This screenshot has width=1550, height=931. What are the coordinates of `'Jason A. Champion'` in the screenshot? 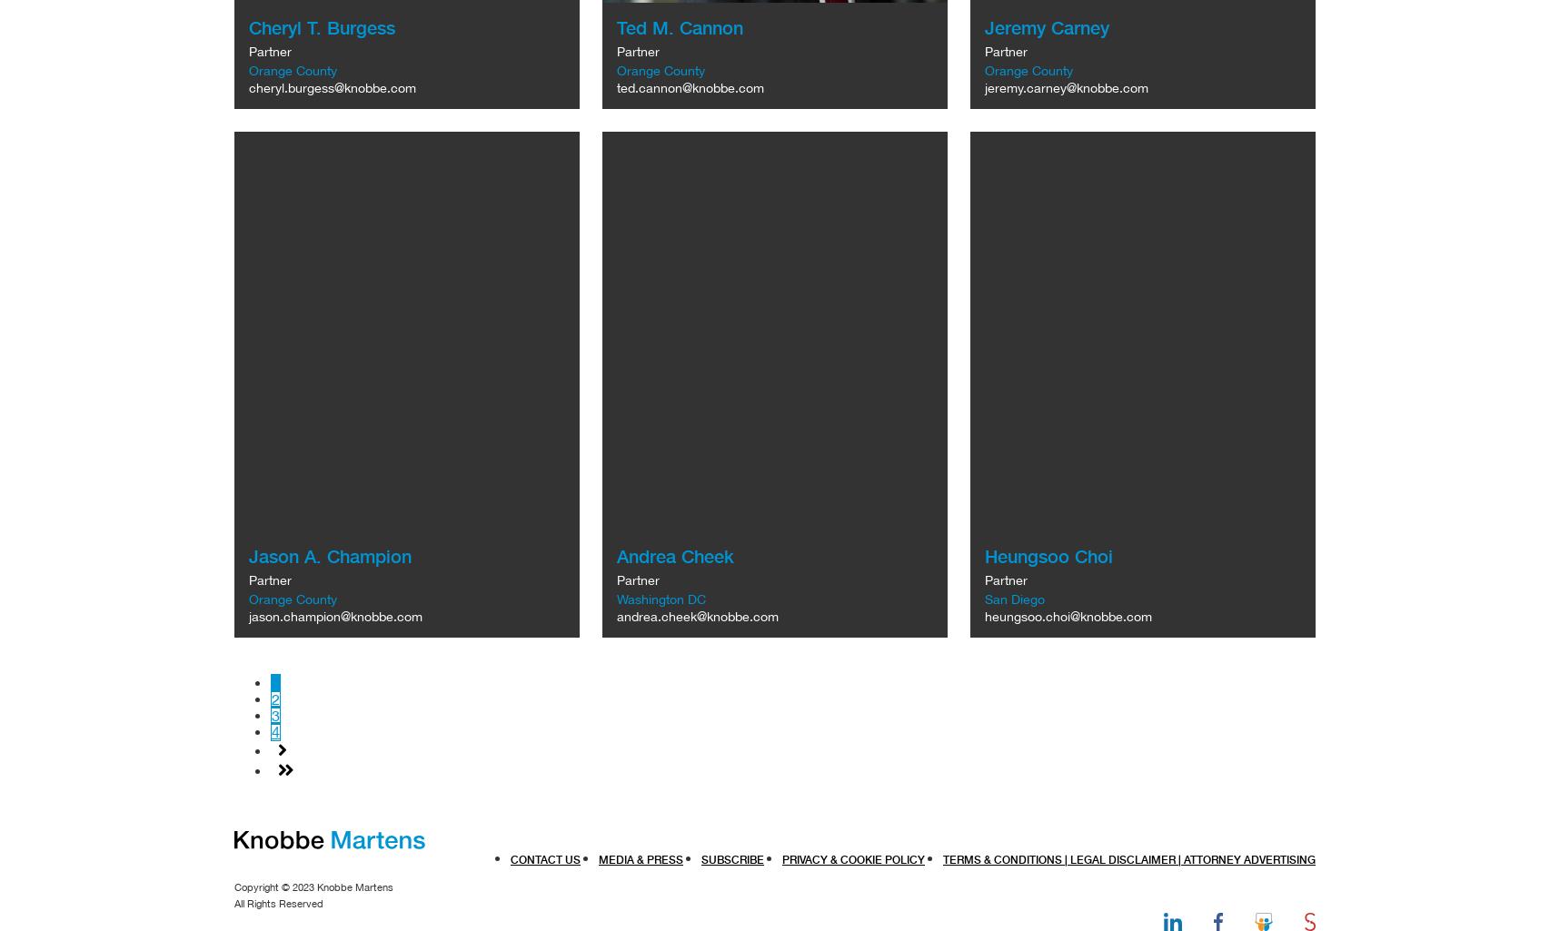 It's located at (330, 555).